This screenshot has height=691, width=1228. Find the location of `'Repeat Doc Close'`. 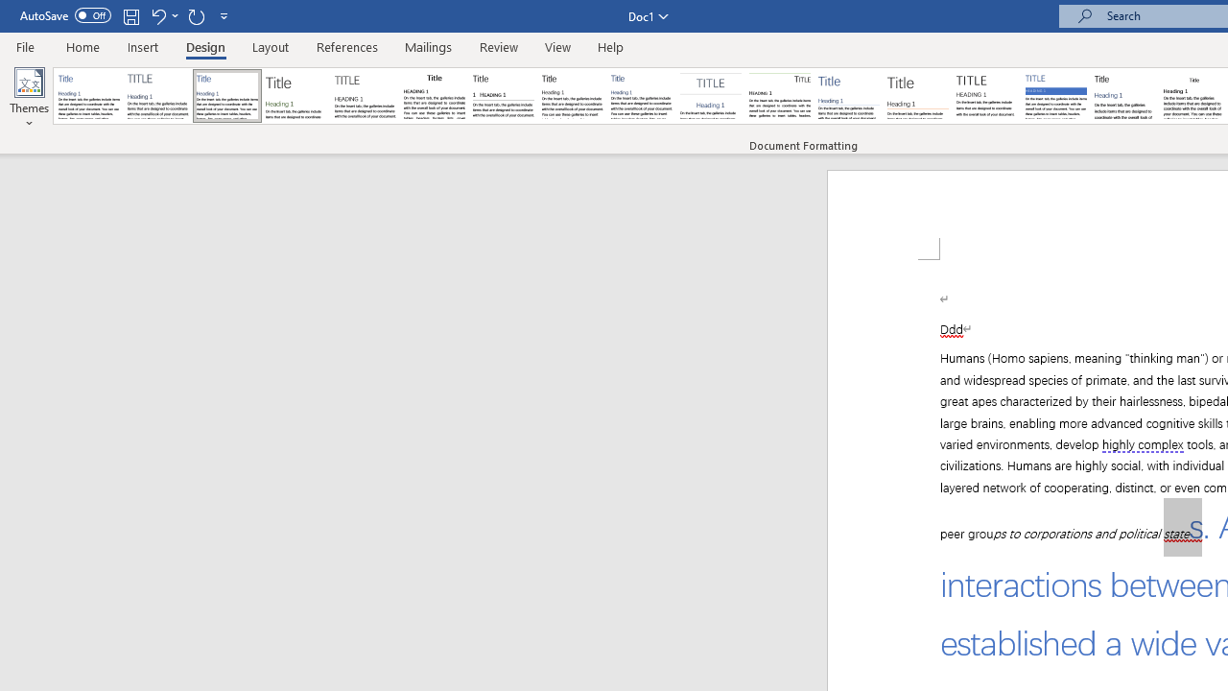

'Repeat Doc Close' is located at coordinates (196, 15).